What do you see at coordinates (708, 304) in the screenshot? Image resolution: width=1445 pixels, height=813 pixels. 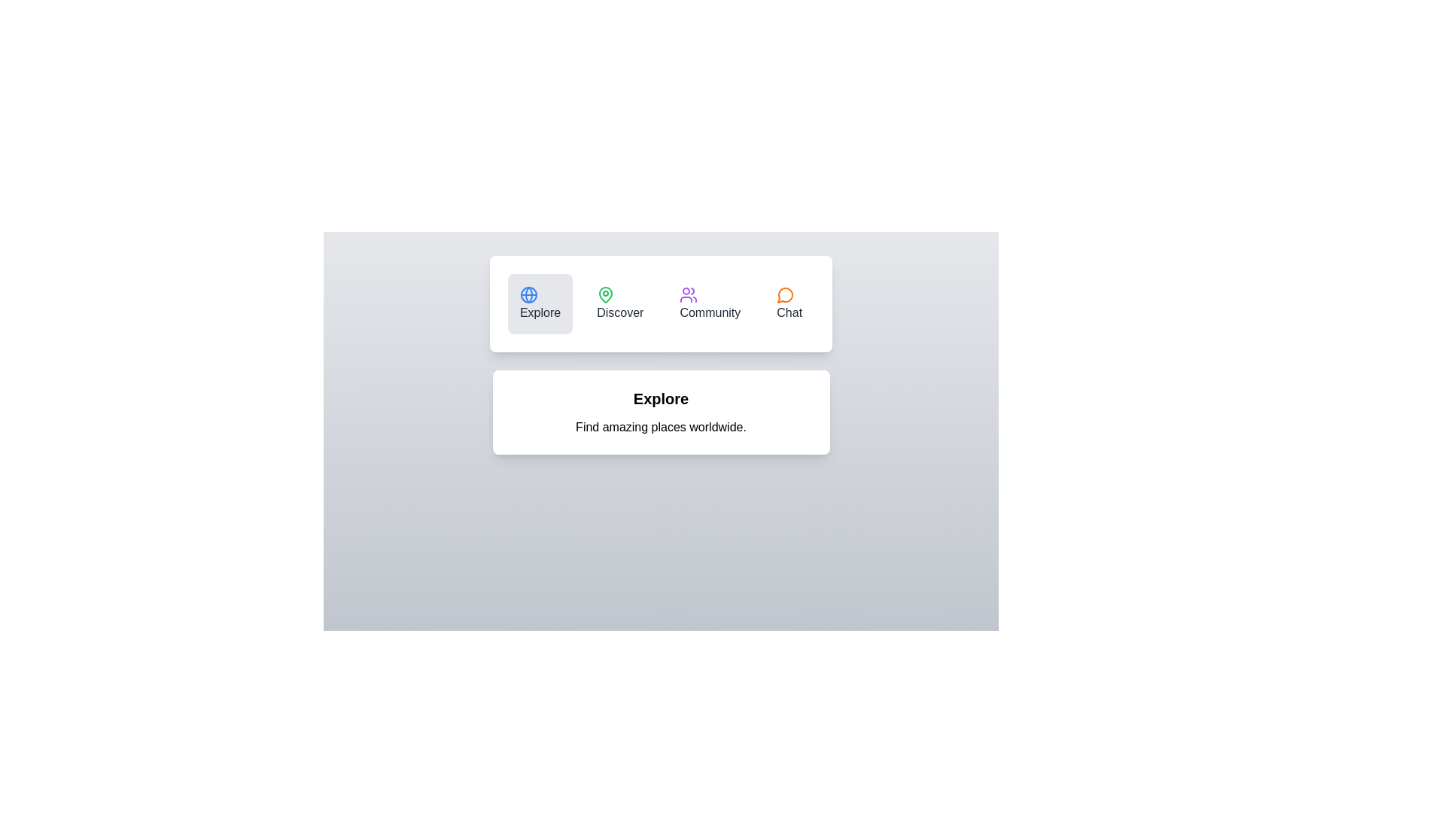 I see `the tab labeled 'Community' to display its associated content` at bounding box center [708, 304].